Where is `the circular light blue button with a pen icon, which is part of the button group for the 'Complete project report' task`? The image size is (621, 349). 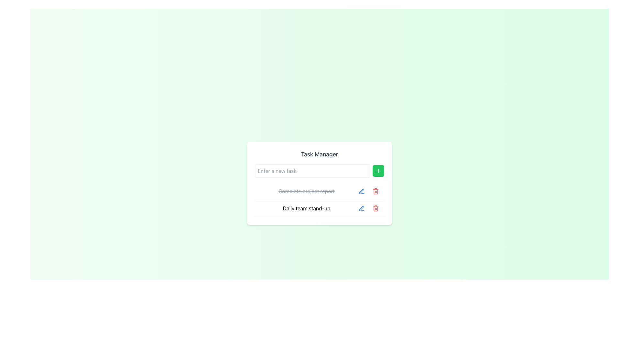 the circular light blue button with a pen icon, which is part of the button group for the 'Complete project report' task is located at coordinates (361, 191).